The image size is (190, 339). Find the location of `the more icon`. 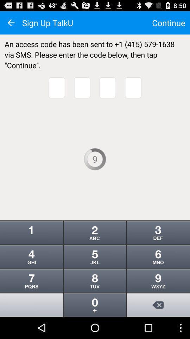

the more icon is located at coordinates (158, 249).